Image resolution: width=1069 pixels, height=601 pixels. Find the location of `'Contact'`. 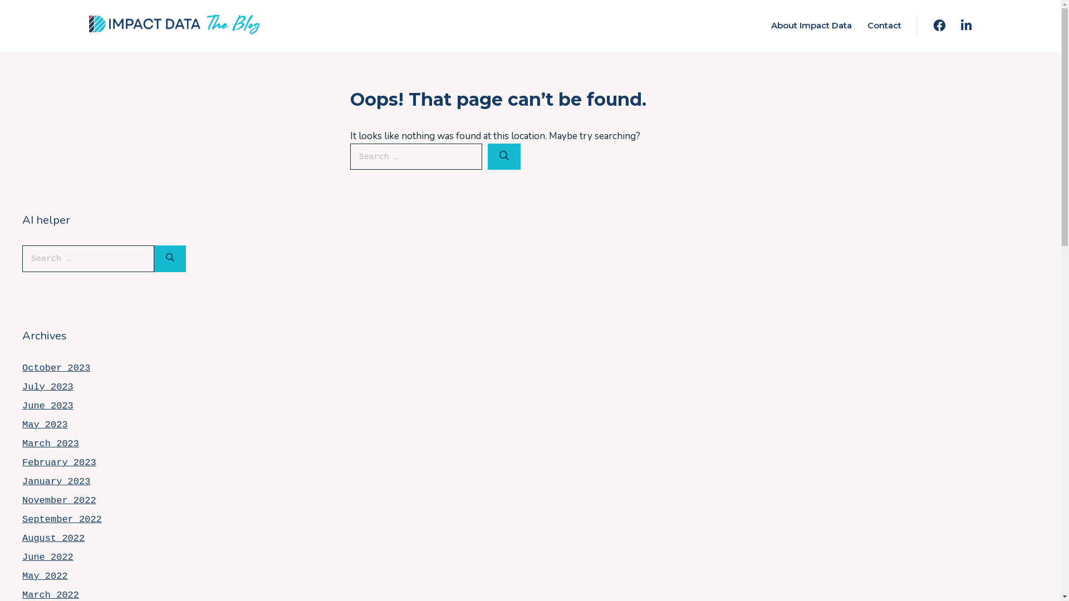

'Contact' is located at coordinates (884, 25).